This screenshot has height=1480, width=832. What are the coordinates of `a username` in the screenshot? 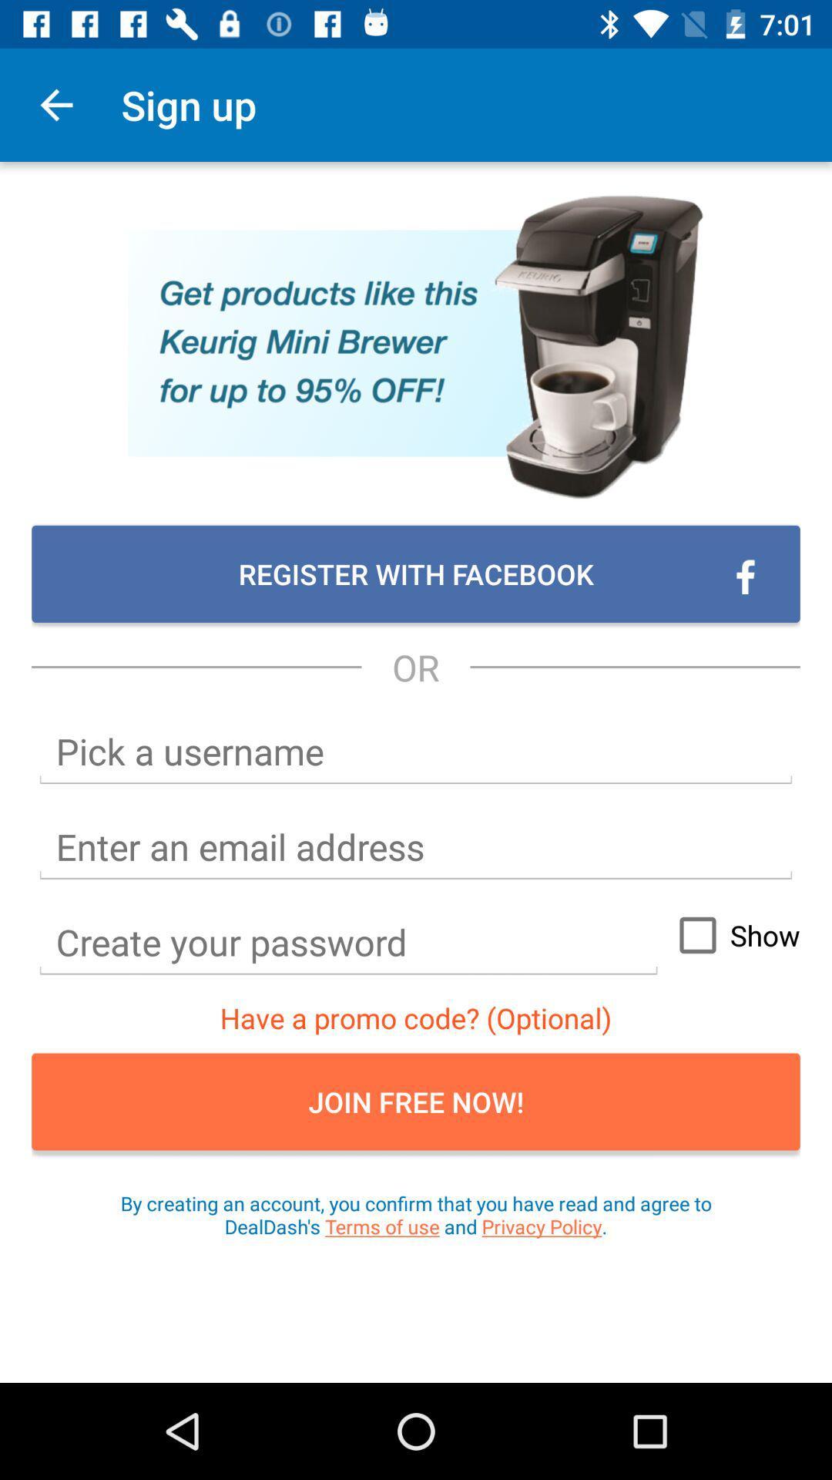 It's located at (416, 752).